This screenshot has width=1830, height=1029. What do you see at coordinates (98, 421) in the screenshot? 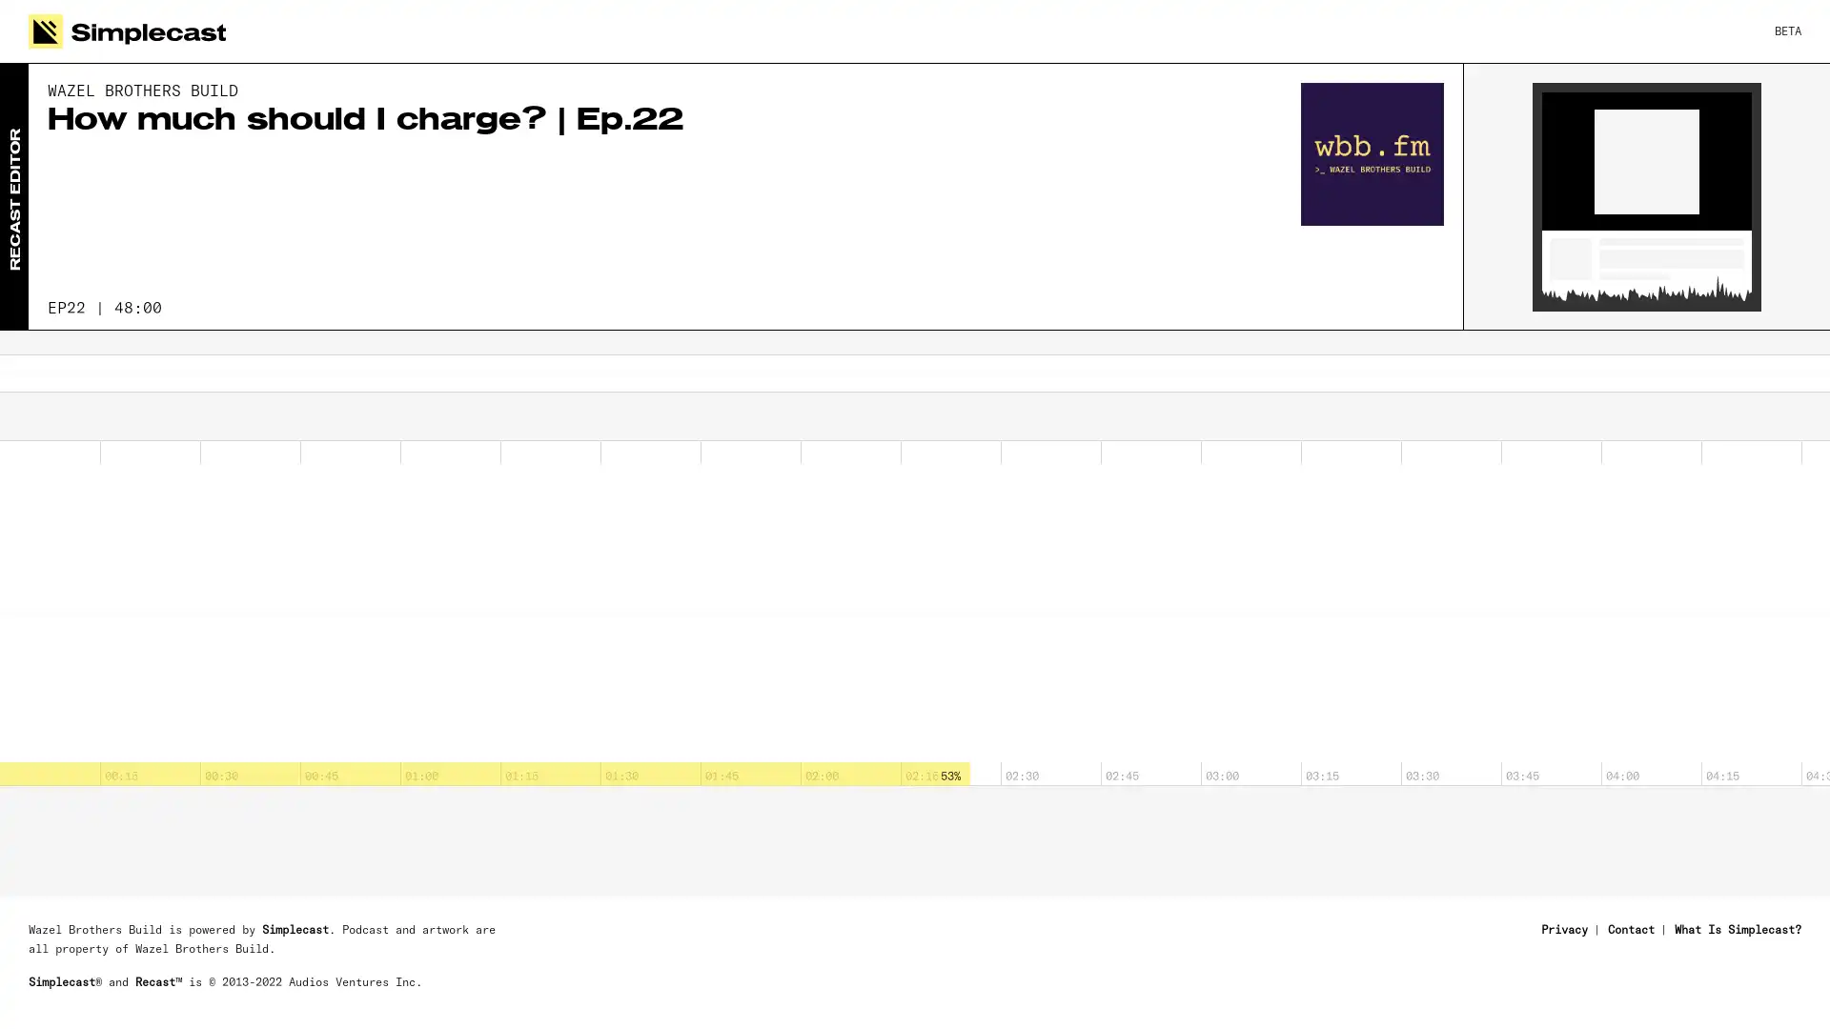
I see `60s` at bounding box center [98, 421].